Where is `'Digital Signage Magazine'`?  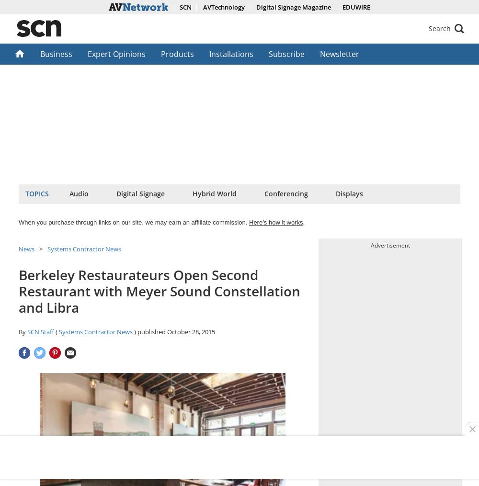
'Digital Signage Magazine' is located at coordinates (256, 7).